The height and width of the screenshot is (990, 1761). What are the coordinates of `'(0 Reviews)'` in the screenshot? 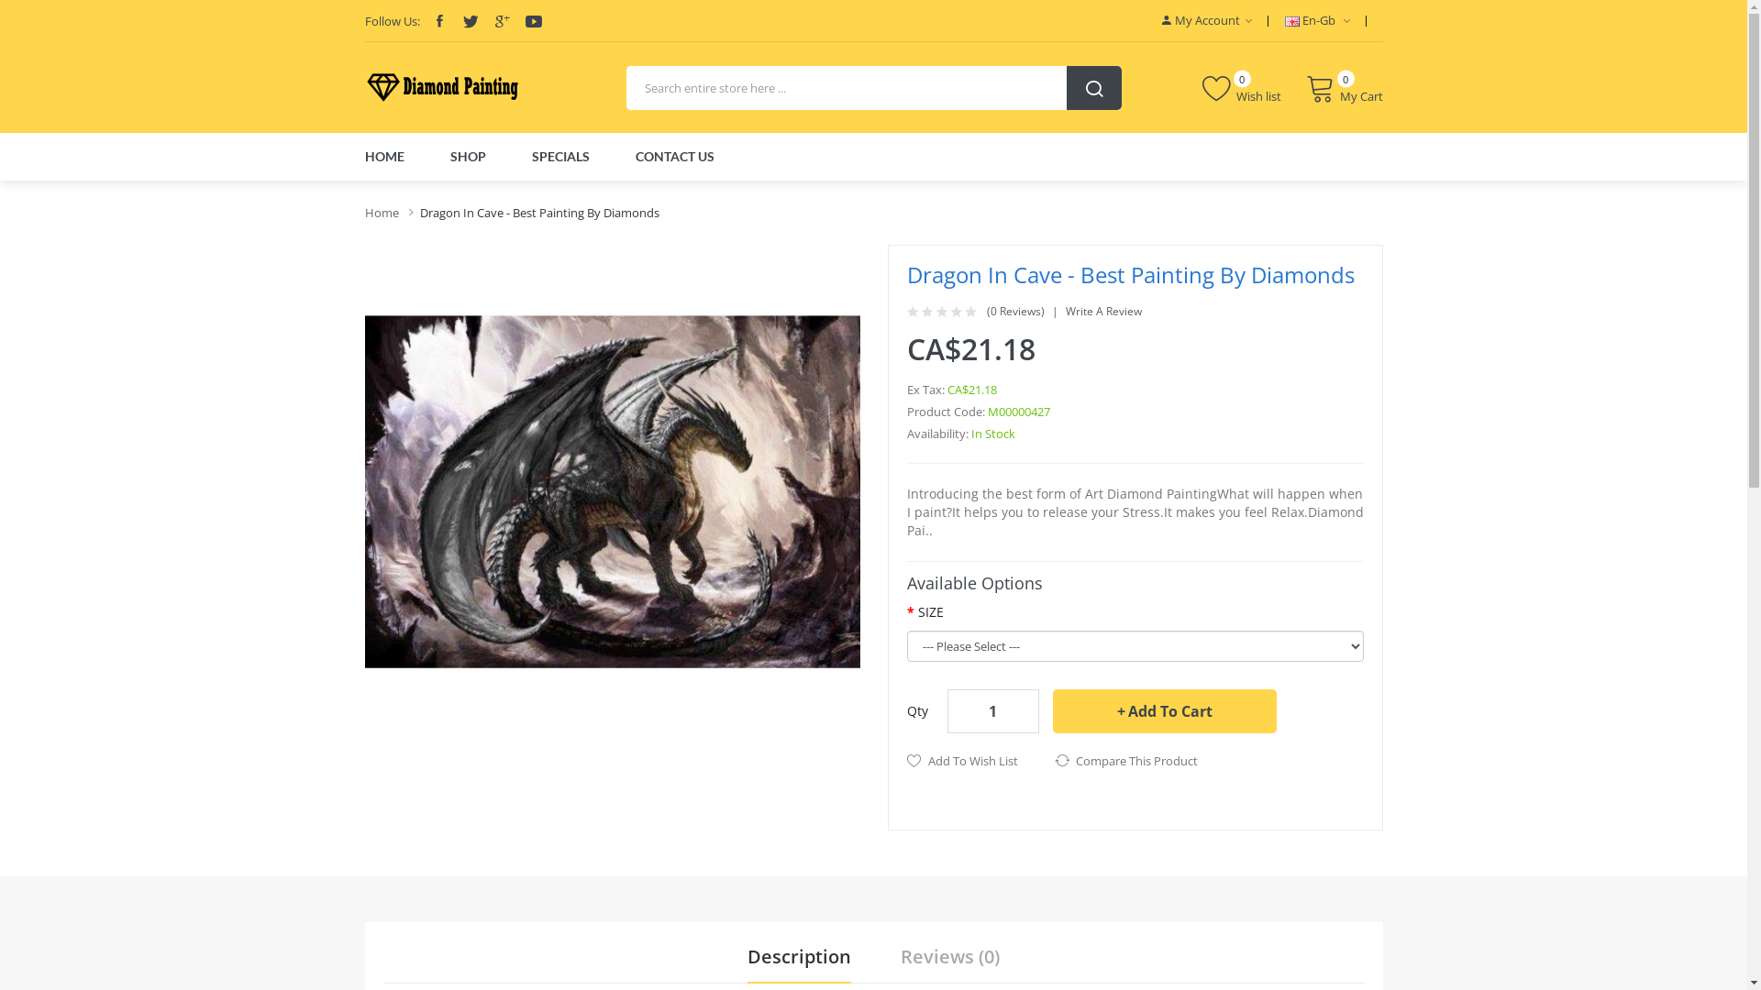 It's located at (985, 310).